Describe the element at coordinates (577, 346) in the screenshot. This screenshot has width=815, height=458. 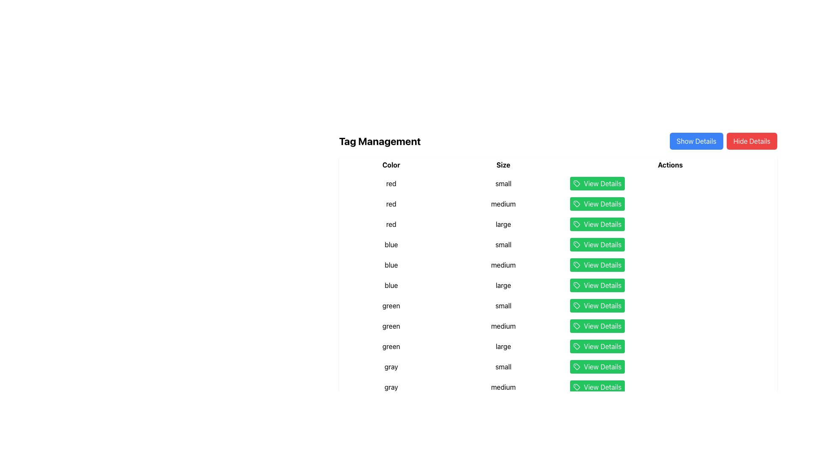
I see `the tag-shaped icon within the 'View Details' button in the last row of the table under the 'Actions' column, which is adjacent to the 'large green' row` at that location.